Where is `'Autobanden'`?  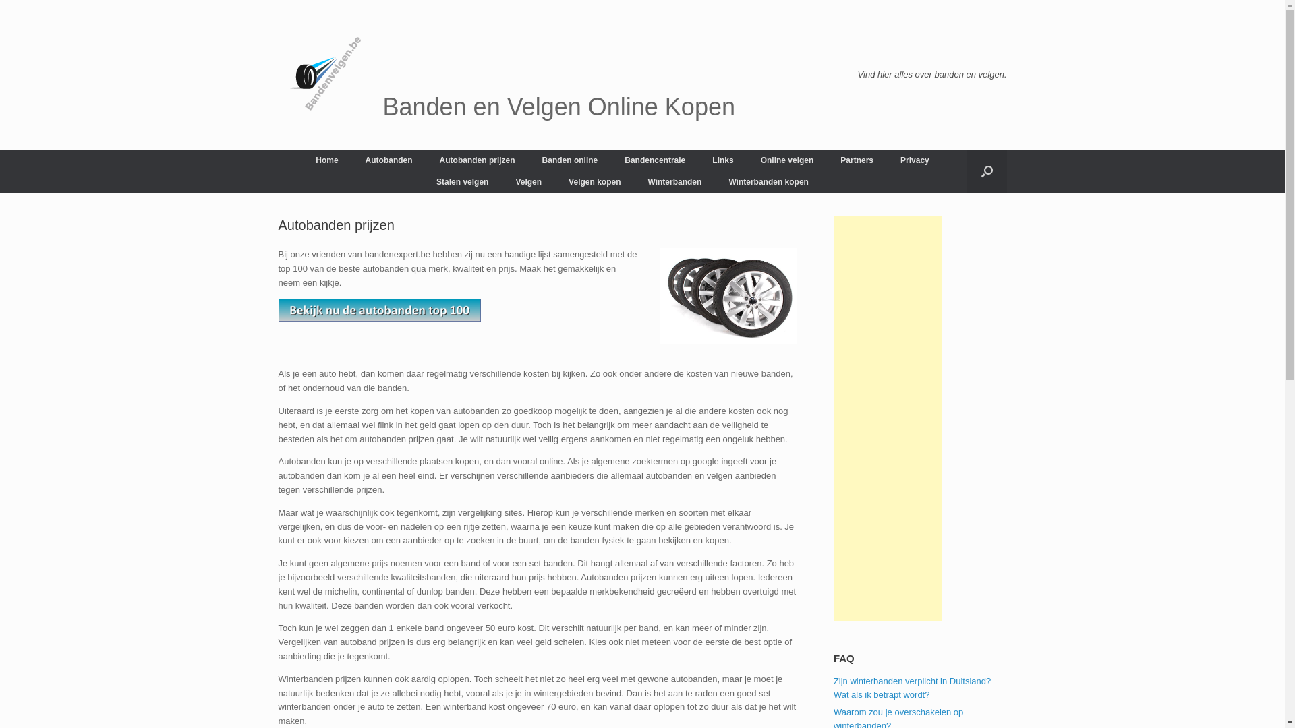
'Autobanden' is located at coordinates (388, 160).